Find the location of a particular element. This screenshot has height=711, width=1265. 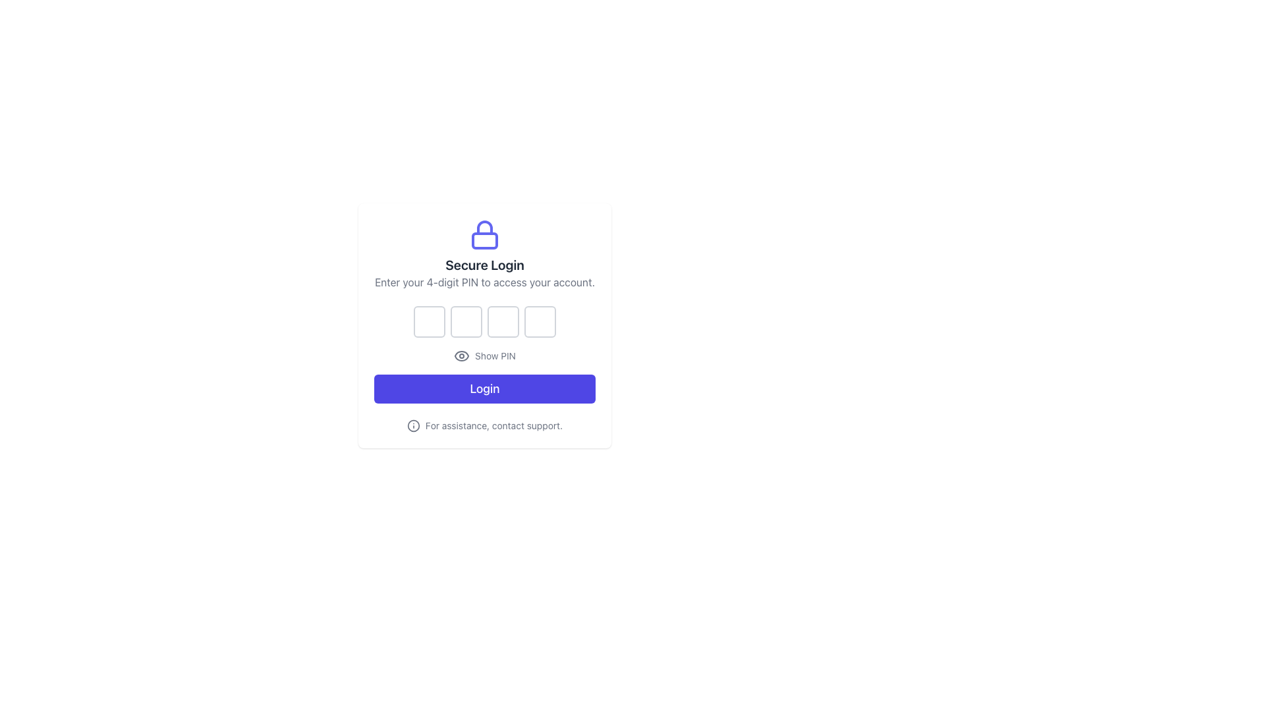

the 'Show PIN' text label, which is displayed in gray color and is positioned to the right of an eye icon, located beneath the PIN code input fields is located at coordinates (495, 355).